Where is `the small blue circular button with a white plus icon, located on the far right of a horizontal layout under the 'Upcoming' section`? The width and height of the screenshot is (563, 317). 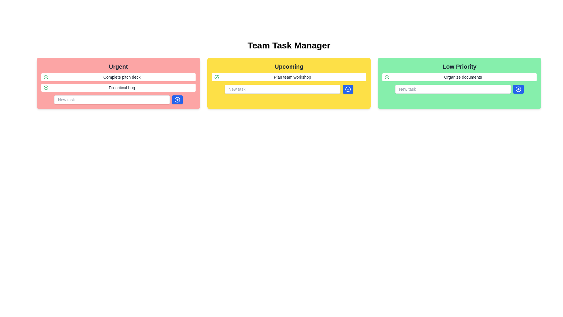
the small blue circular button with a white plus icon, located on the far right of a horizontal layout under the 'Upcoming' section is located at coordinates (348, 89).